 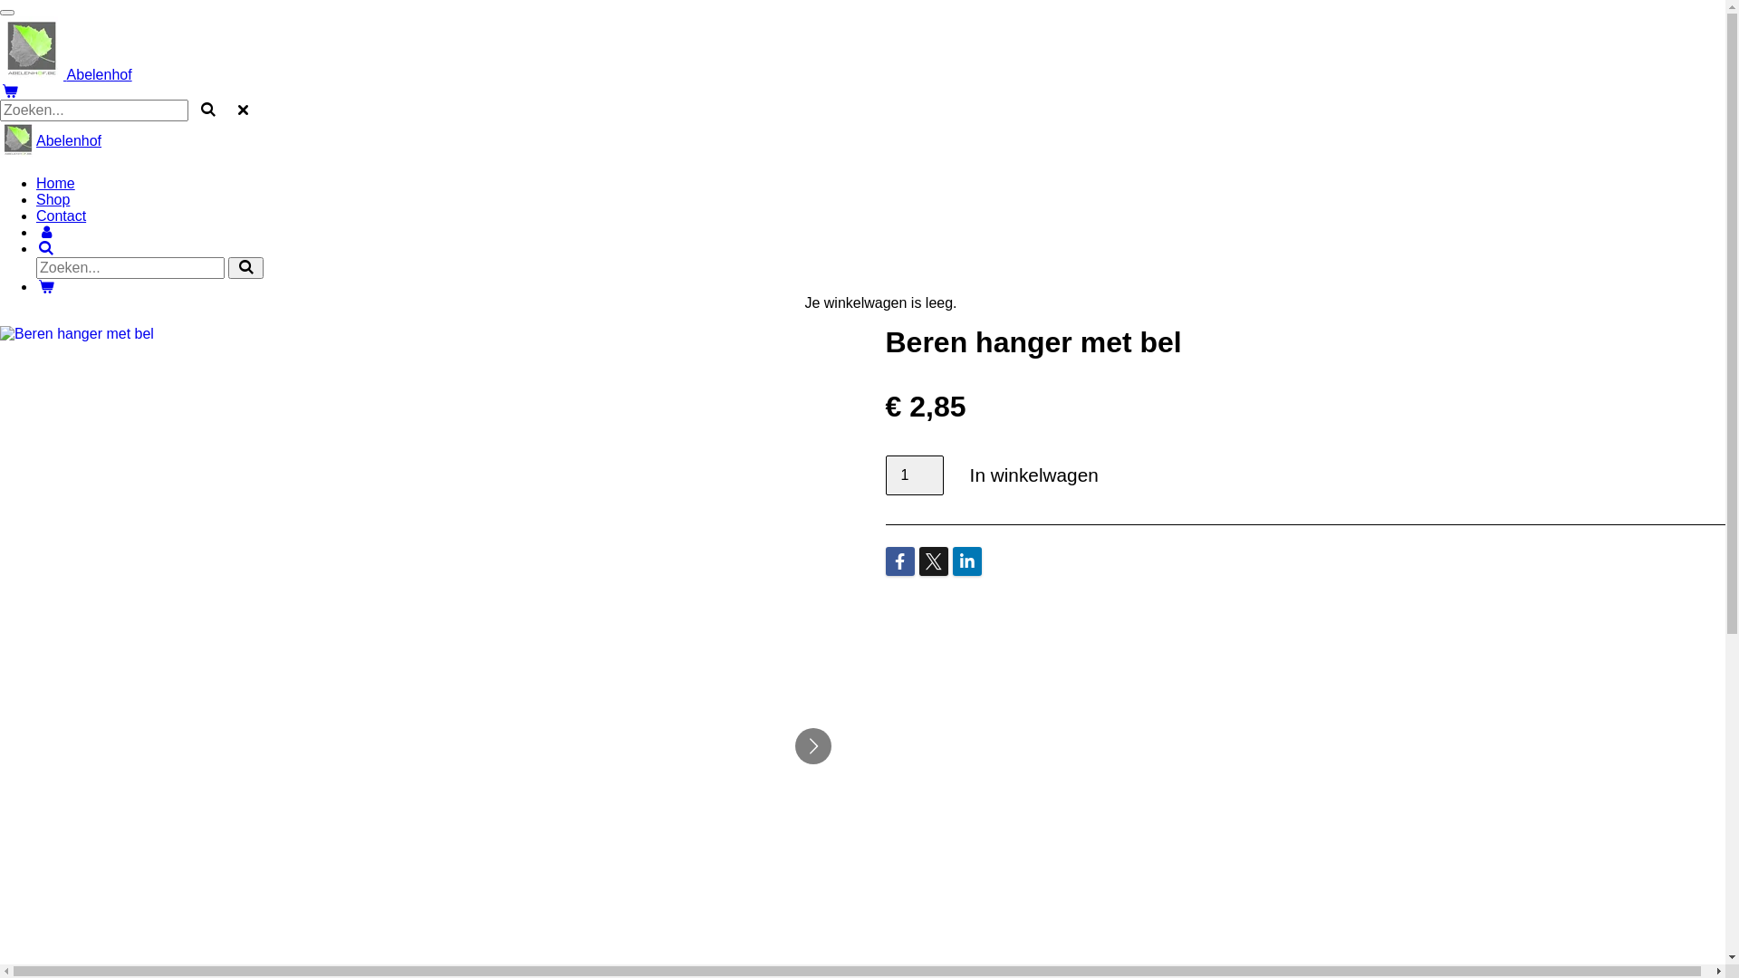 What do you see at coordinates (53, 199) in the screenshot?
I see `'Shop'` at bounding box center [53, 199].